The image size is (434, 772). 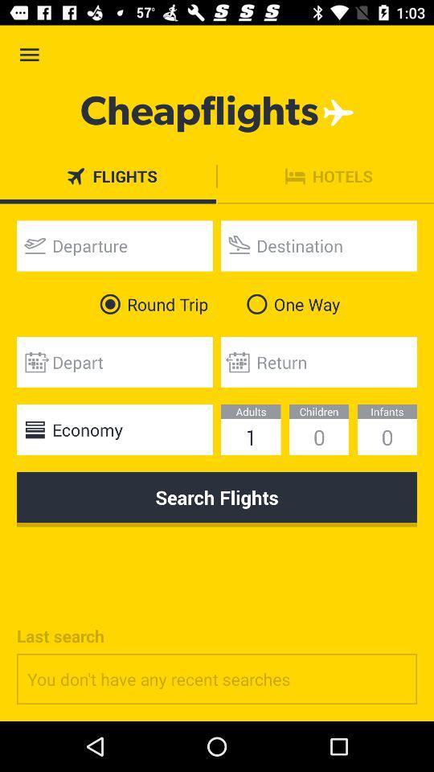 I want to click on return date, so click(x=319, y=362).